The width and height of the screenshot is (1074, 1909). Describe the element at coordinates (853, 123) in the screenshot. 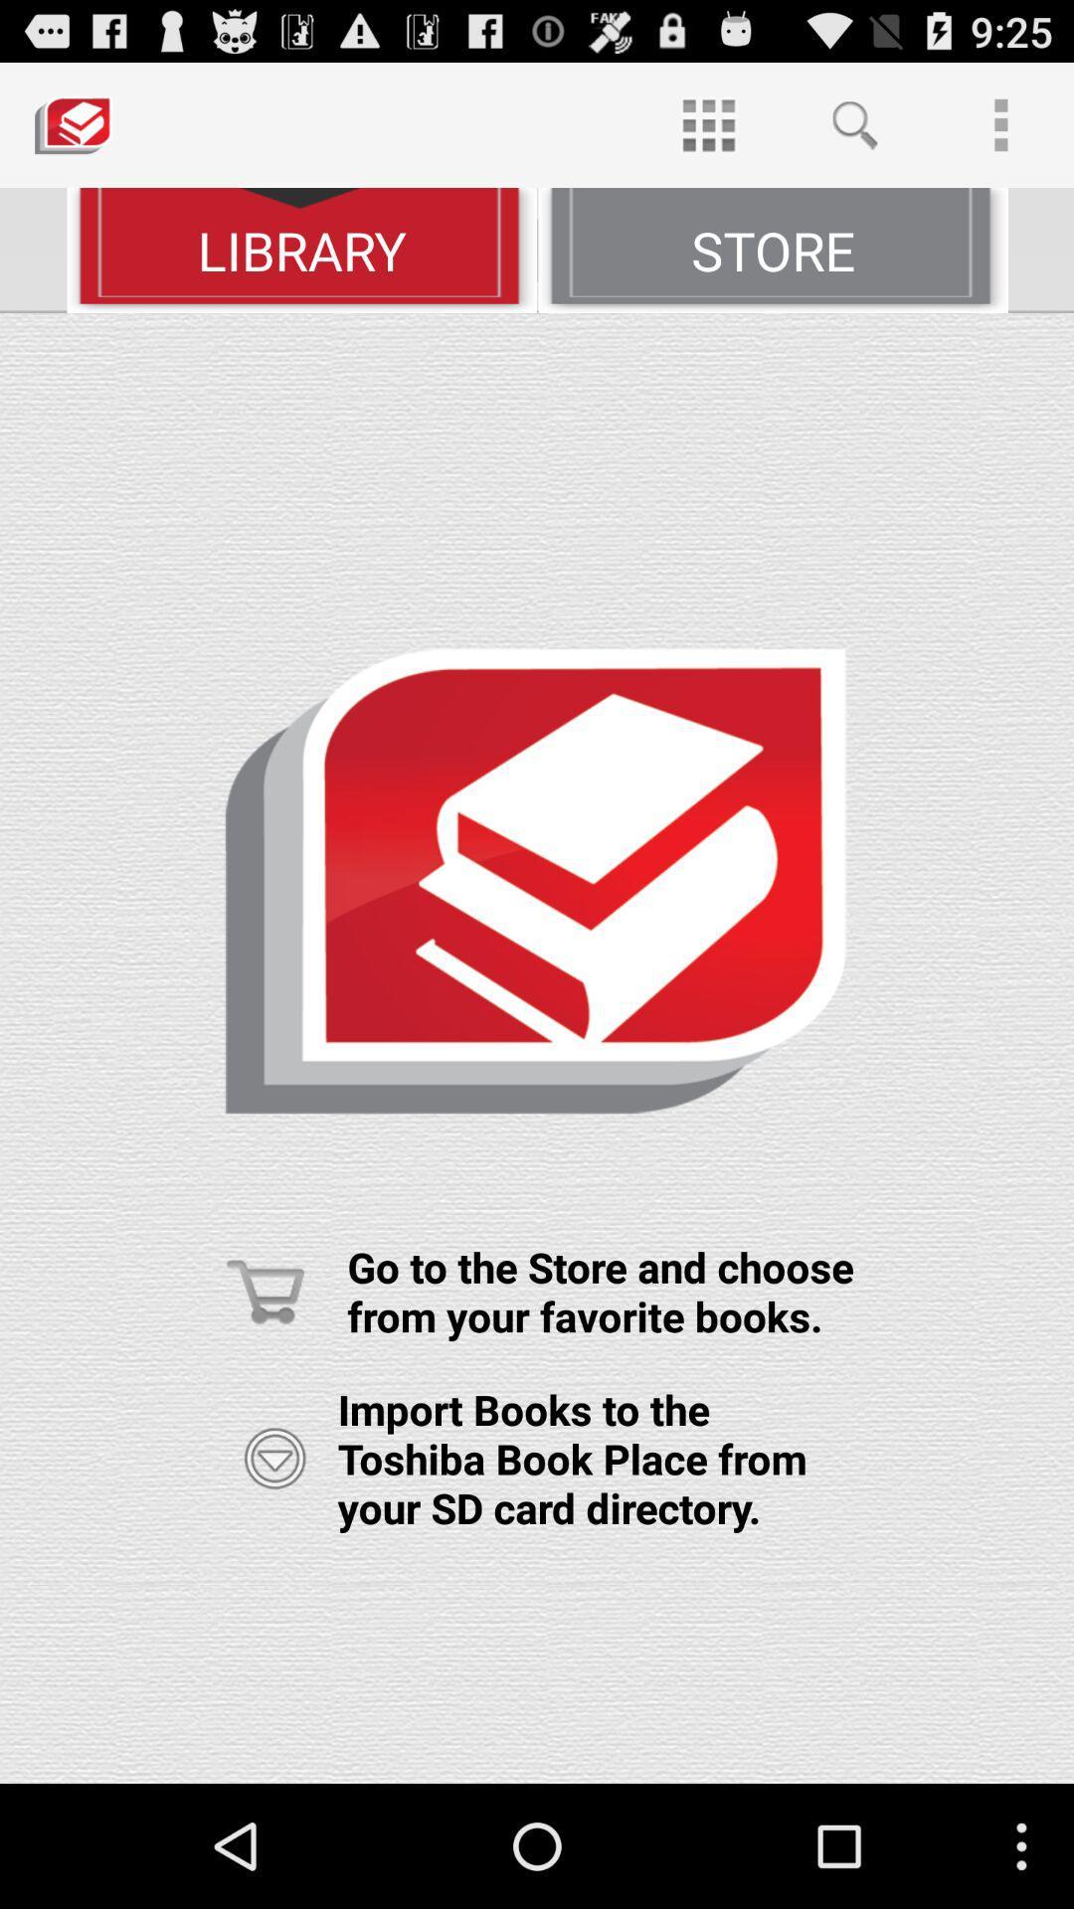

I see `app above store app` at that location.